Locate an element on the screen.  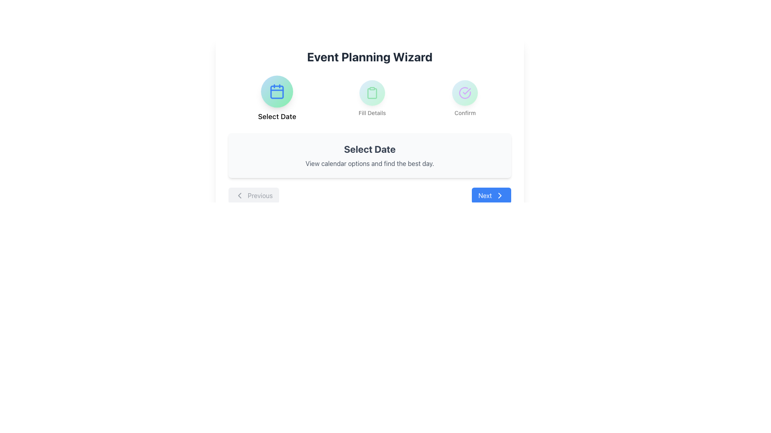
the decorative graphical element which is a rounded rectangle inside a calendar icon, part of the 'Select Date' option in the Event Planning Wizard interface is located at coordinates (277, 92).